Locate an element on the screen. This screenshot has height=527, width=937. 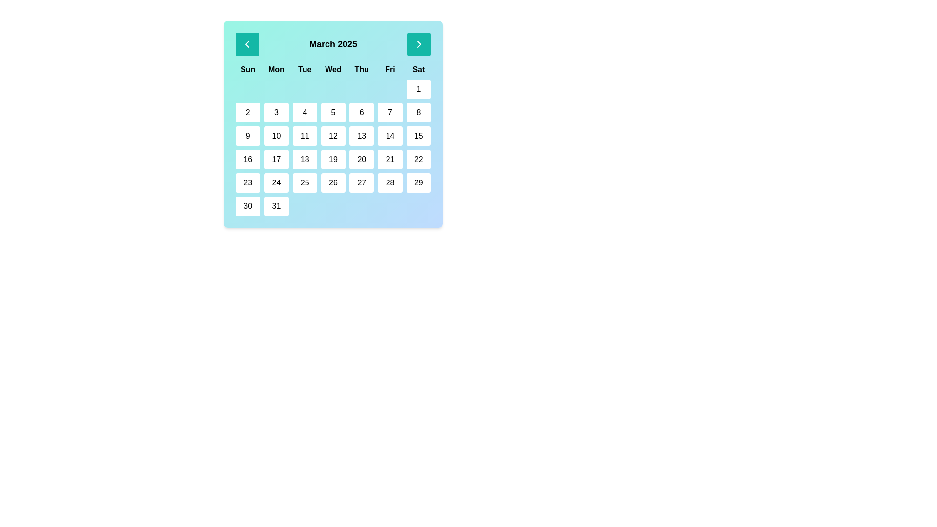
the date button displaying '26' in the calendar grid under 'Wed' is located at coordinates (332, 182).